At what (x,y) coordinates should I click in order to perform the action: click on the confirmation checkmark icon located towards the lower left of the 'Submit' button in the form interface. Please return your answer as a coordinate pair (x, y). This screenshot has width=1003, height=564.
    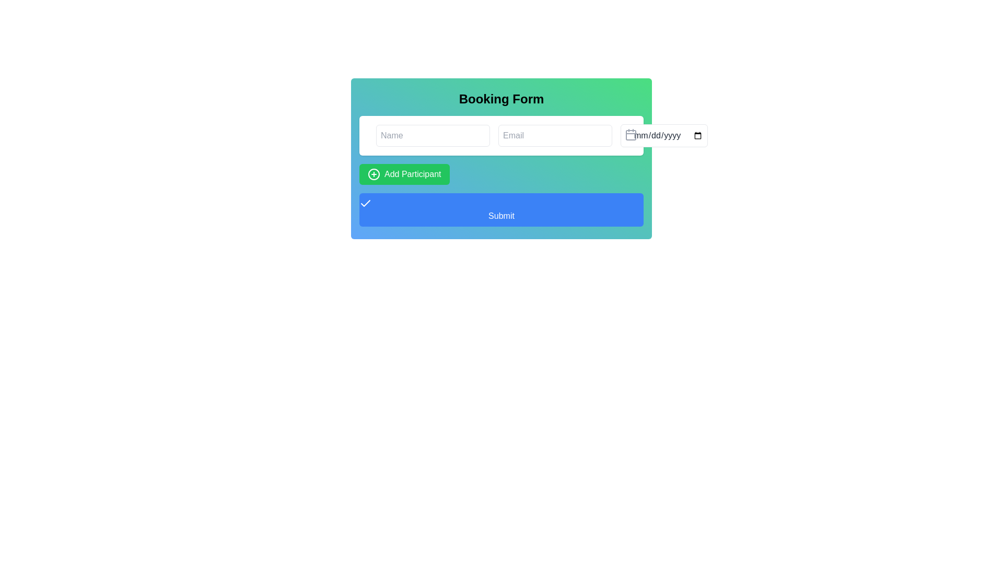
    Looking at the image, I should click on (366, 203).